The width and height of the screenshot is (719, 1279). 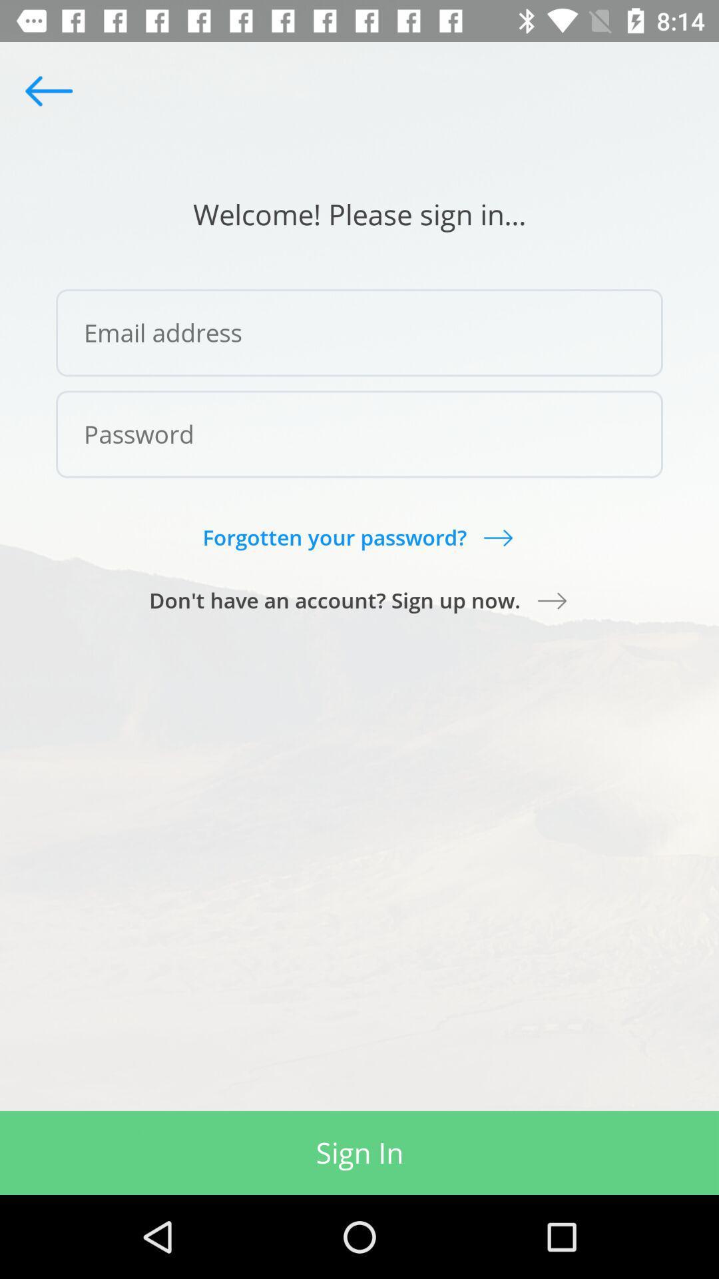 What do you see at coordinates (359, 600) in the screenshot?
I see `don t have` at bounding box center [359, 600].